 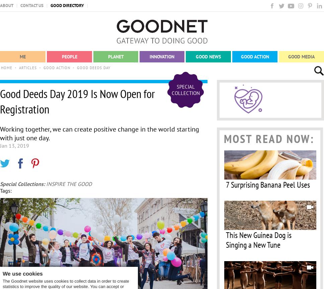 I want to click on 'Personal Growth', so click(x=5, y=92).